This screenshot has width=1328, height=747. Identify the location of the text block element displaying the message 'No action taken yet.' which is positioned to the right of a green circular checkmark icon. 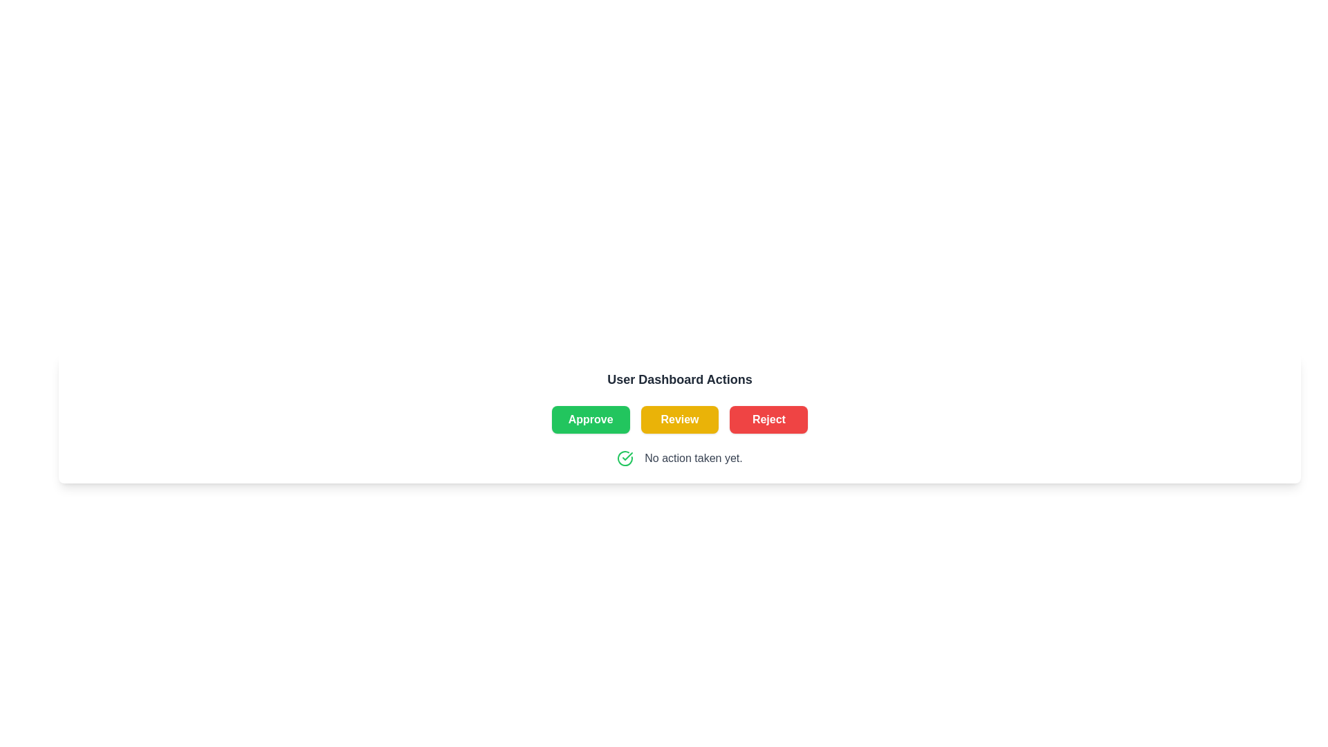
(694, 459).